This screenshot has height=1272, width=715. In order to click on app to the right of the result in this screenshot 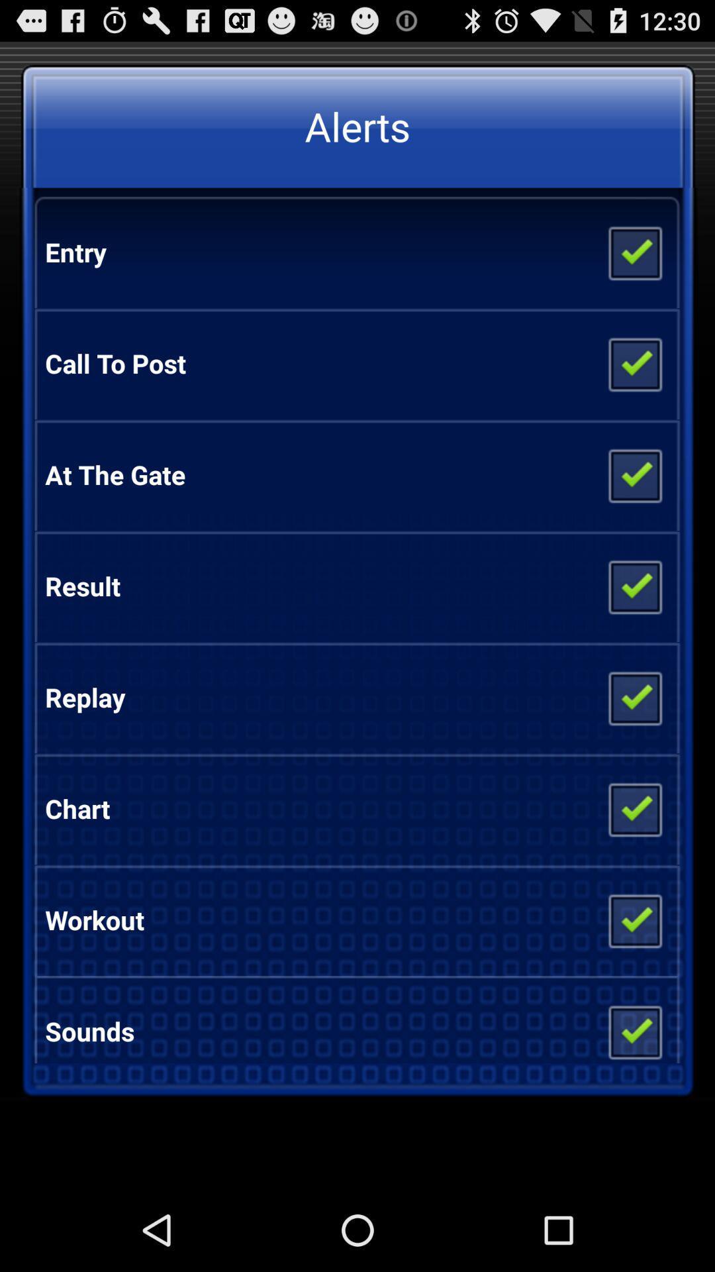, I will do `click(634, 585)`.